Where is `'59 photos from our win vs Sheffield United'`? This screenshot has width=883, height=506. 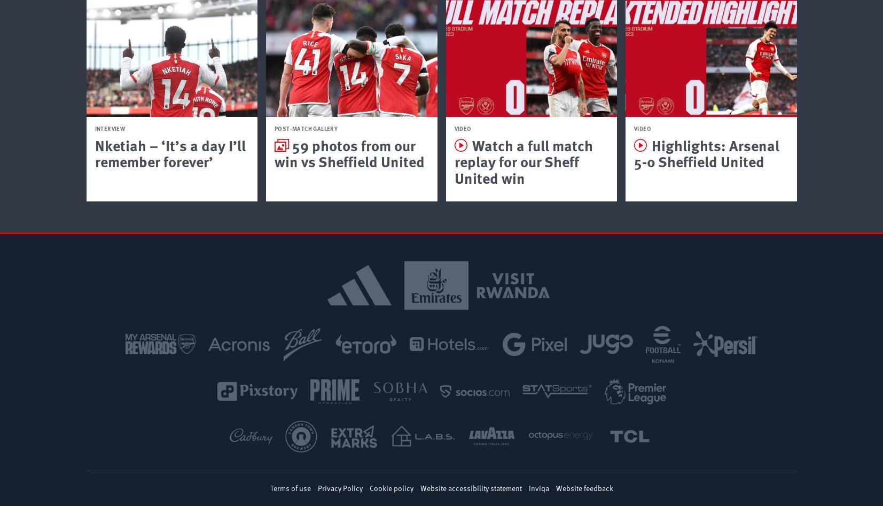 '59 photos from our win vs Sheffield United' is located at coordinates (274, 152).